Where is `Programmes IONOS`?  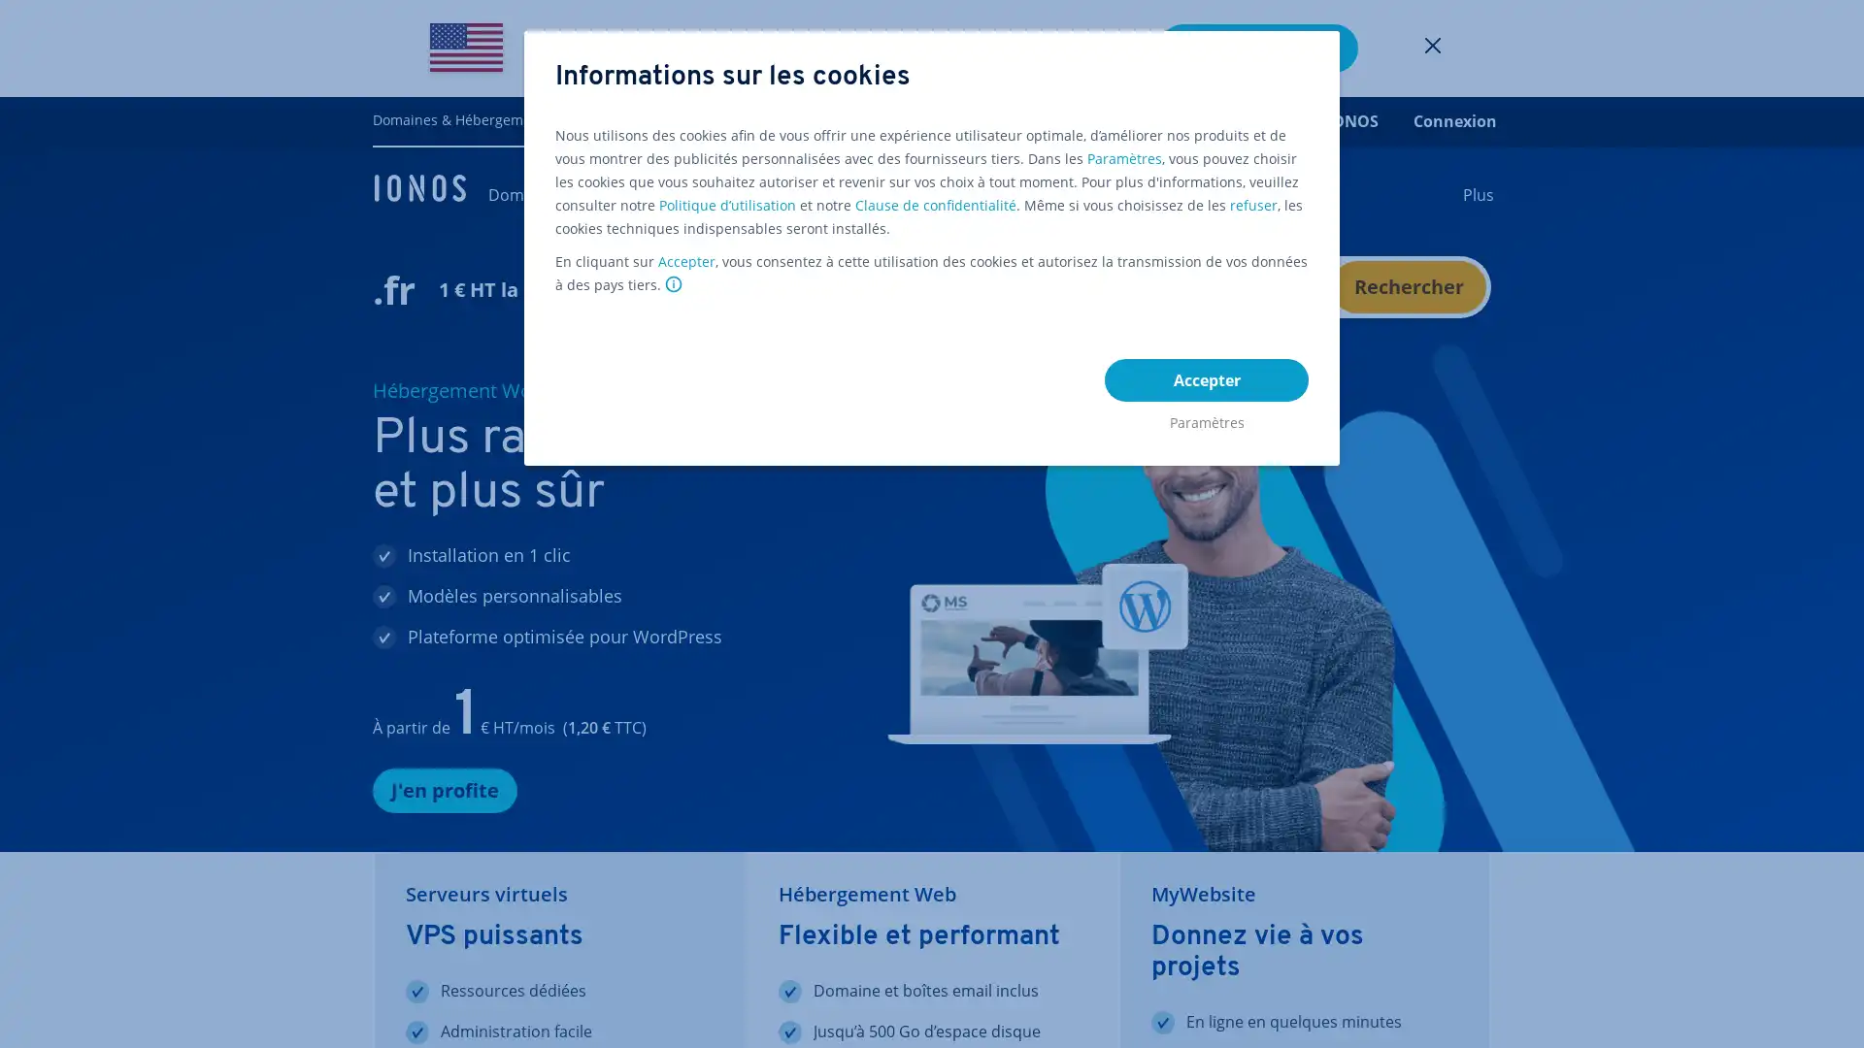
Programmes IONOS is located at coordinates (1301, 120).